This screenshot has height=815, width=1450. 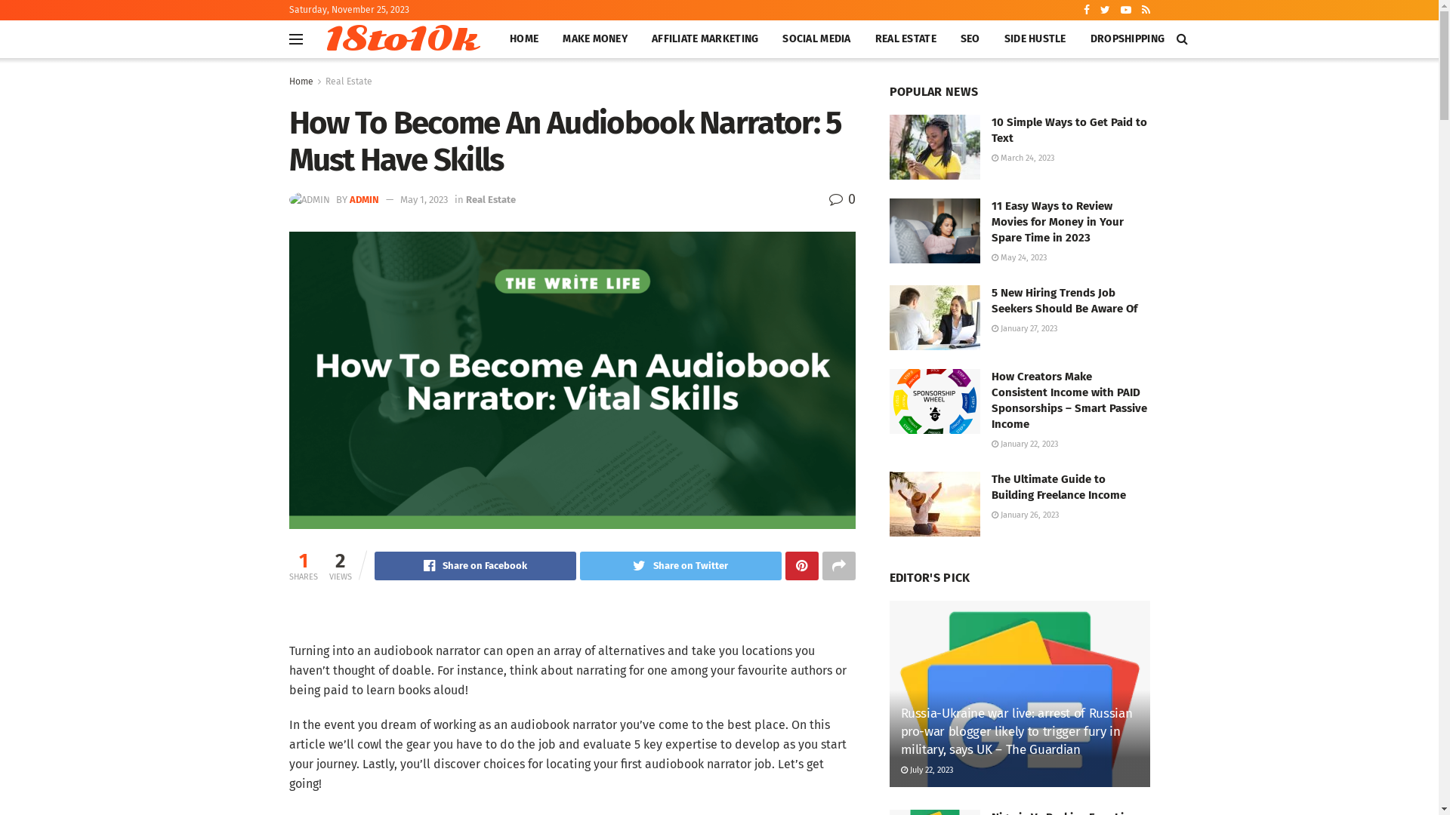 I want to click on '18to10k', so click(x=400, y=38).